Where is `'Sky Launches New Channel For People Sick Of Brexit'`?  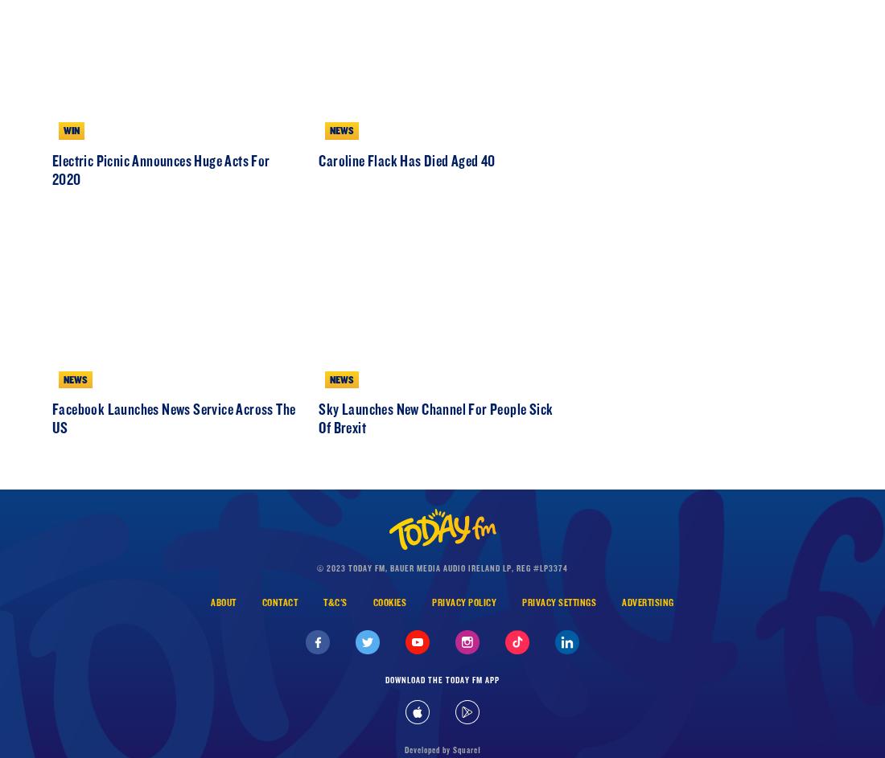 'Sky Launches New Channel For People Sick Of Brexit' is located at coordinates (435, 486).